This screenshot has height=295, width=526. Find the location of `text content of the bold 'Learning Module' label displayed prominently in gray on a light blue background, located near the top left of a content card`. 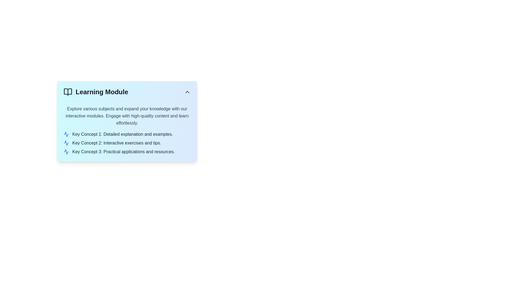

text content of the bold 'Learning Module' label displayed prominently in gray on a light blue background, located near the top left of a content card is located at coordinates (102, 92).